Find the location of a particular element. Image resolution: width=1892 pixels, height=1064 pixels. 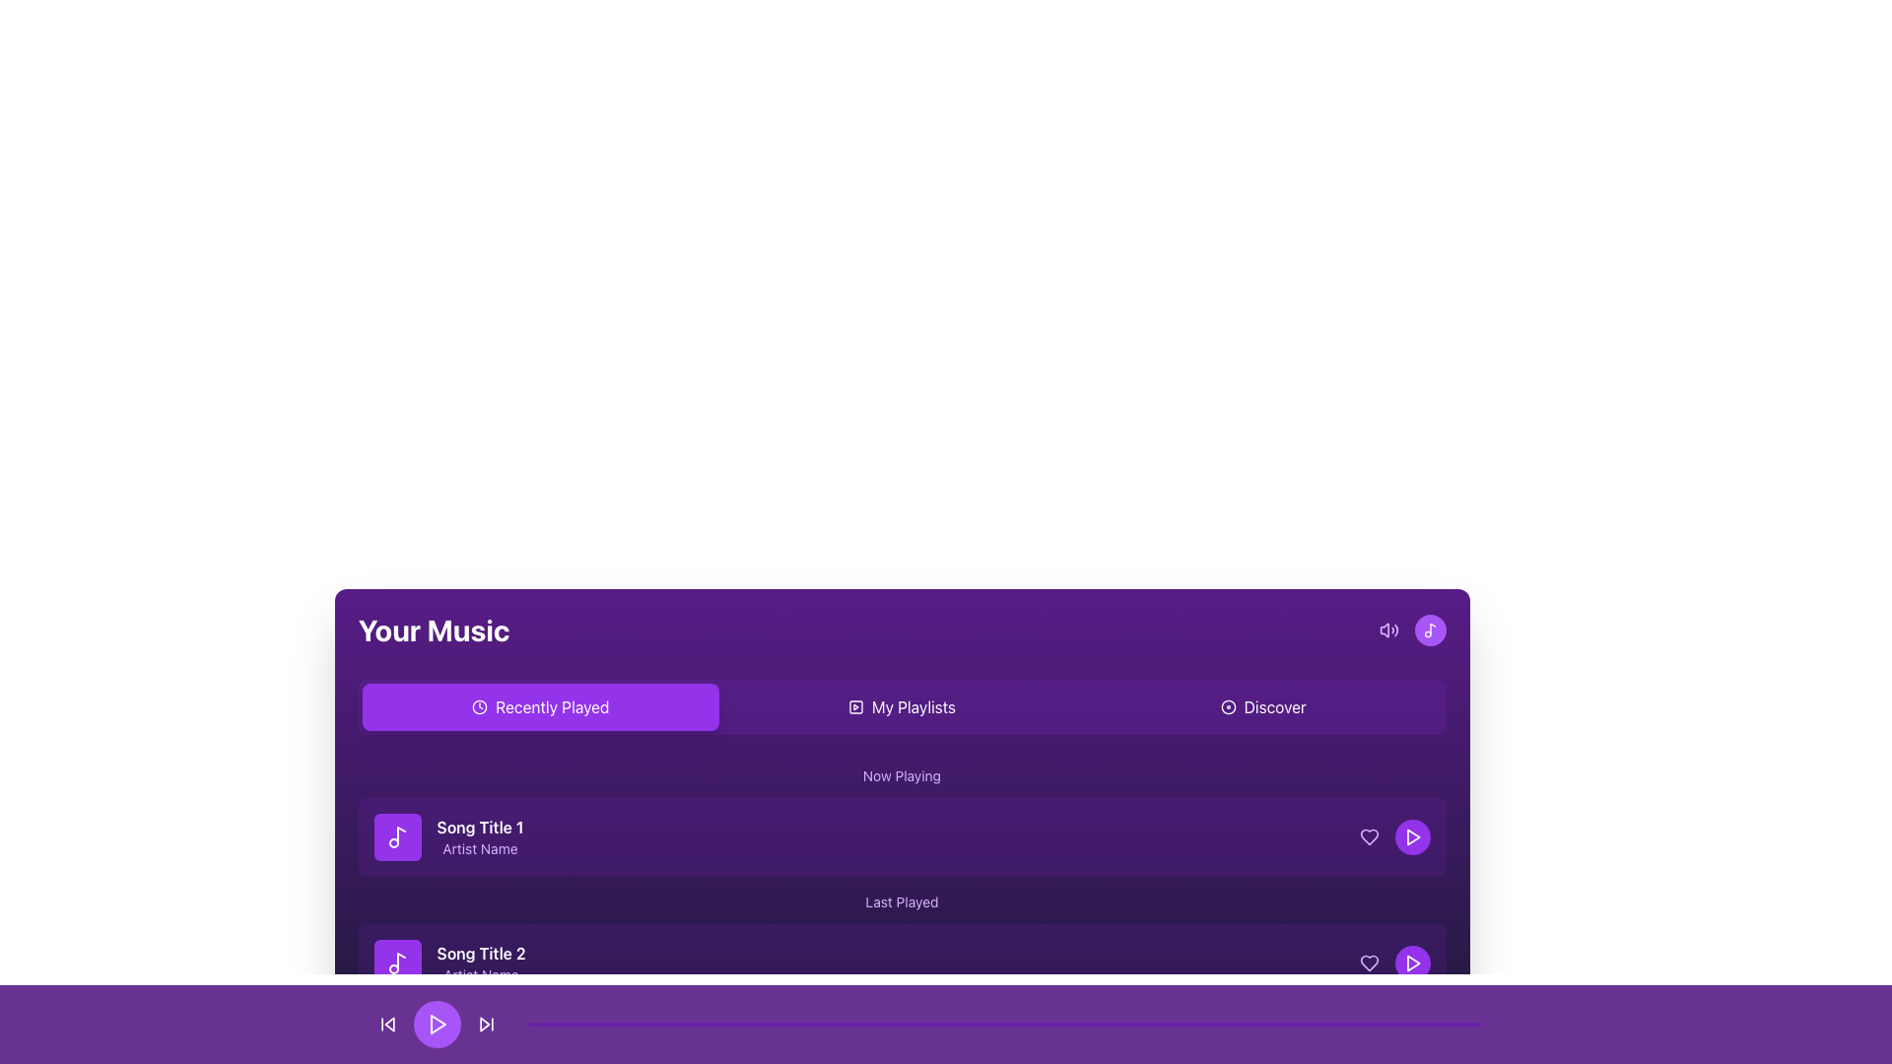

the 'Discover' button located at the rightmost end of the horizontal navigation bar to change its background color is located at coordinates (1263, 705).